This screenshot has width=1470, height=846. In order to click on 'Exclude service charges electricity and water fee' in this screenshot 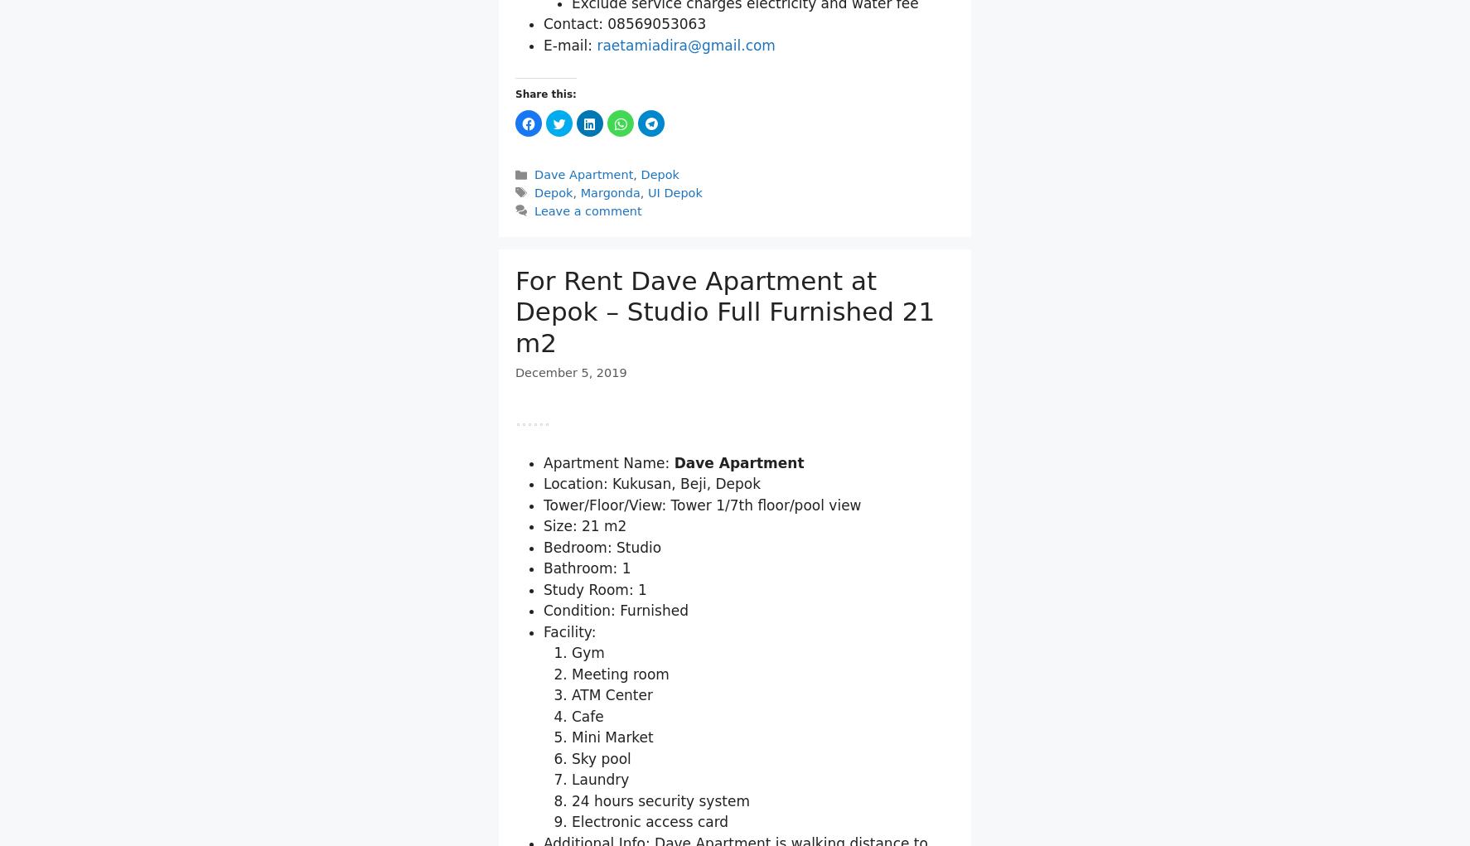, I will do `click(744, 195)`.